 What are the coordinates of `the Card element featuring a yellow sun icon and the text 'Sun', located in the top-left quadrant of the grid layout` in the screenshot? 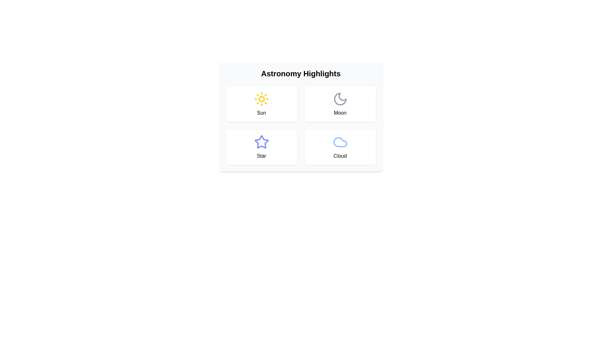 It's located at (261, 104).